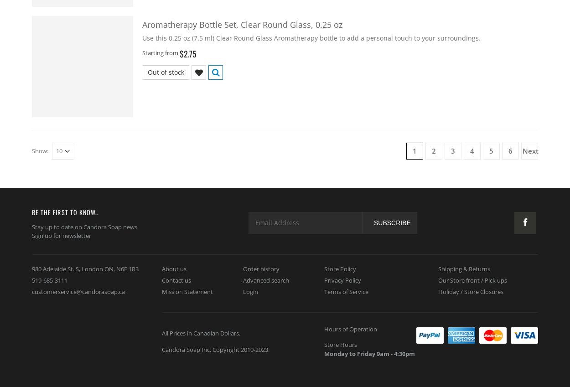 This screenshot has width=570, height=387. I want to click on 'BE THE FIRST TO KNOW..', so click(65, 212).